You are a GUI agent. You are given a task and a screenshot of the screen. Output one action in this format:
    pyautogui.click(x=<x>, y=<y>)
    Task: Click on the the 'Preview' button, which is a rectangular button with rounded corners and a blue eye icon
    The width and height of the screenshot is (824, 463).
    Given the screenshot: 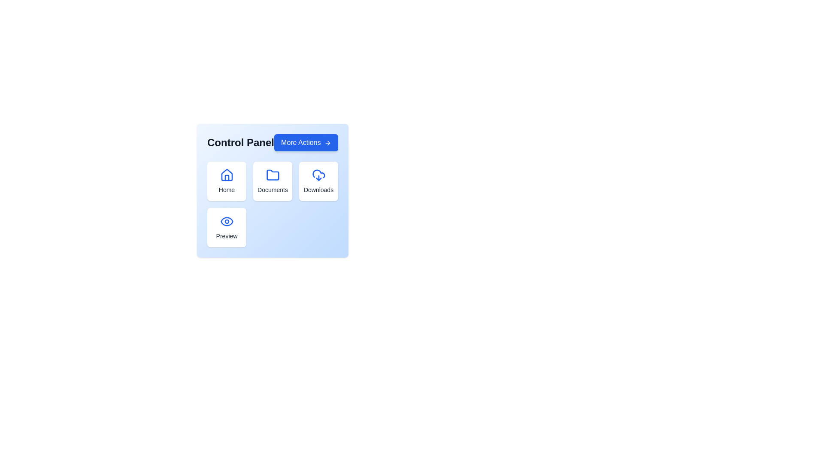 What is the action you would take?
    pyautogui.click(x=227, y=227)
    